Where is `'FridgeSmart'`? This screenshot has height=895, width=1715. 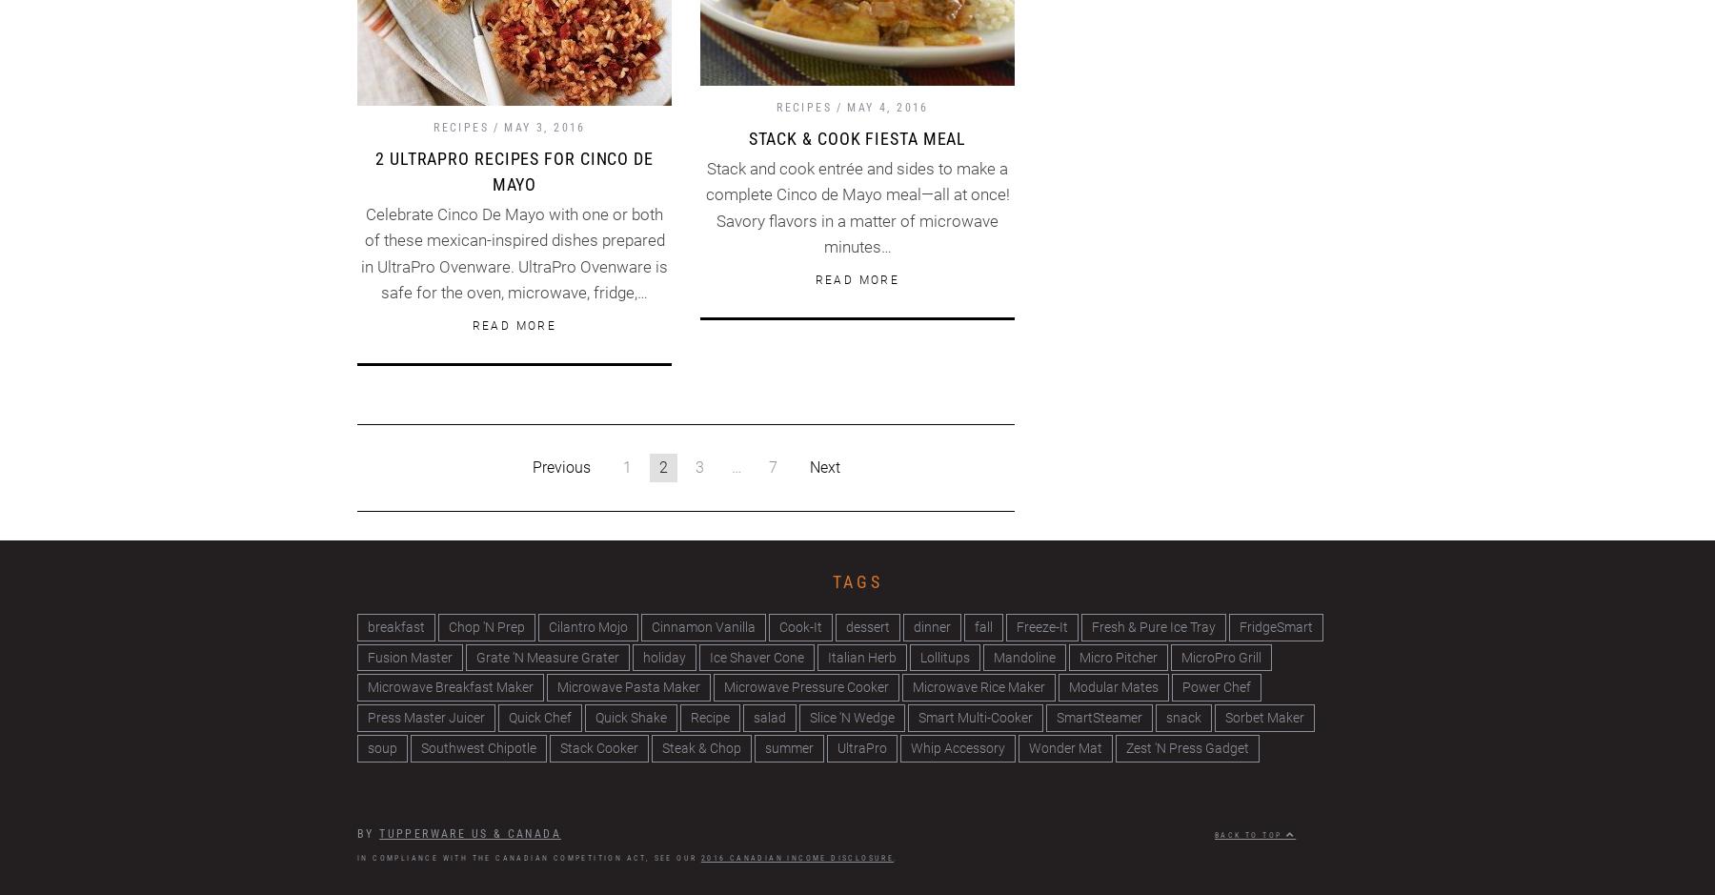 'FridgeSmart' is located at coordinates (1276, 626).